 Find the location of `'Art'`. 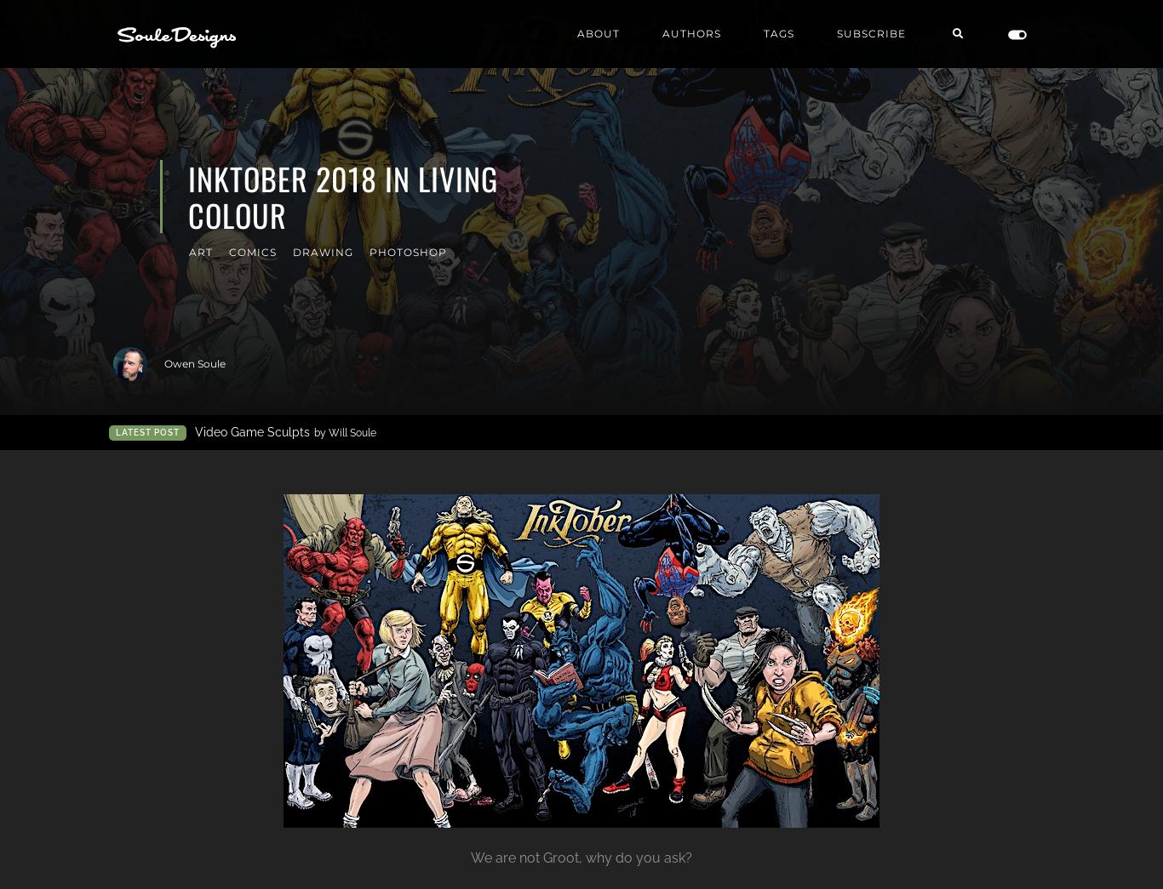

'Art' is located at coordinates (201, 252).